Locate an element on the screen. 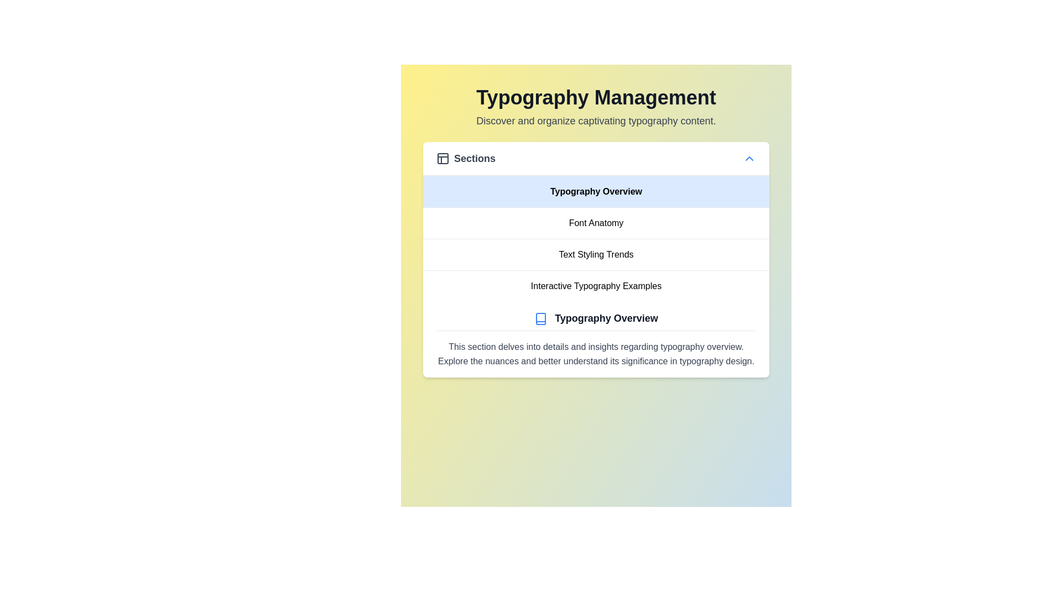  the text label that reads 'Text Styling Trends', which is the third item in a vertically stacked list under the 'Sections' heading, positioned between 'Font Anatomy' and 'Interactive Typography Examples' is located at coordinates (596, 254).